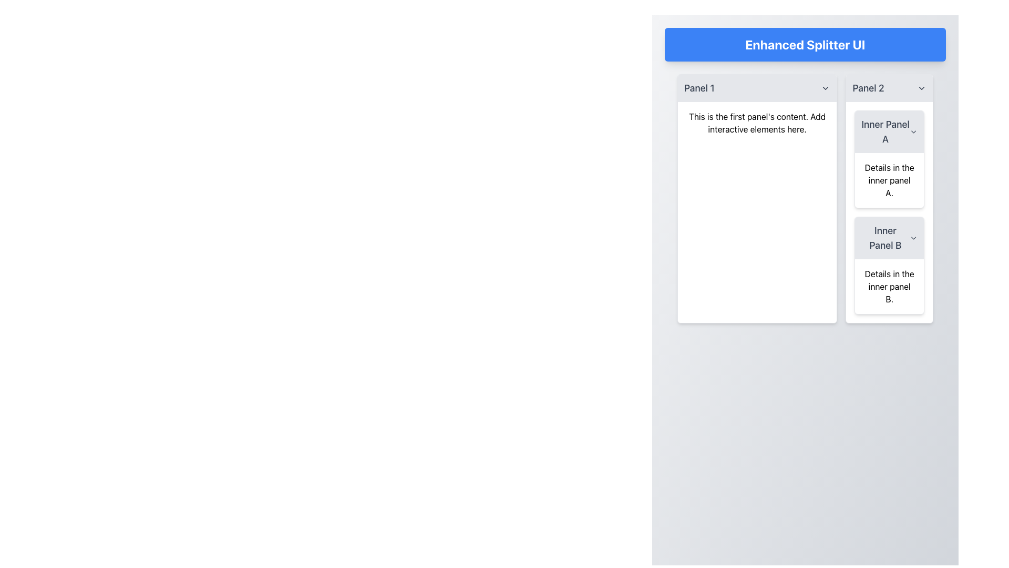 The width and height of the screenshot is (1009, 568). I want to click on the chevron icon located at the far-right end of the 'Panel 2' header bar, so click(921, 88).